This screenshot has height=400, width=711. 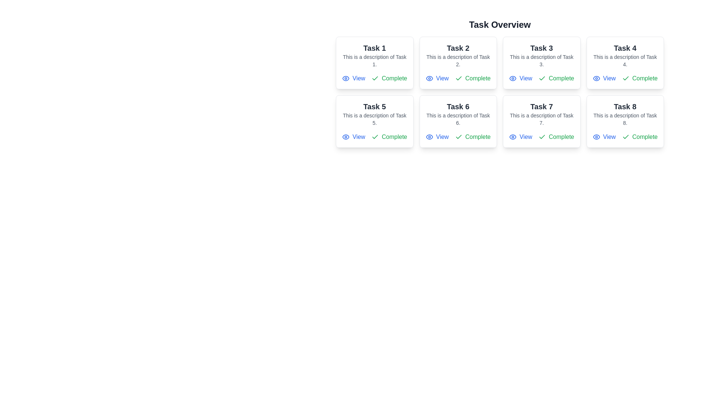 I want to click on the static text label that serves as the title for the task card, located in the last card of a grid layout, so click(x=625, y=107).